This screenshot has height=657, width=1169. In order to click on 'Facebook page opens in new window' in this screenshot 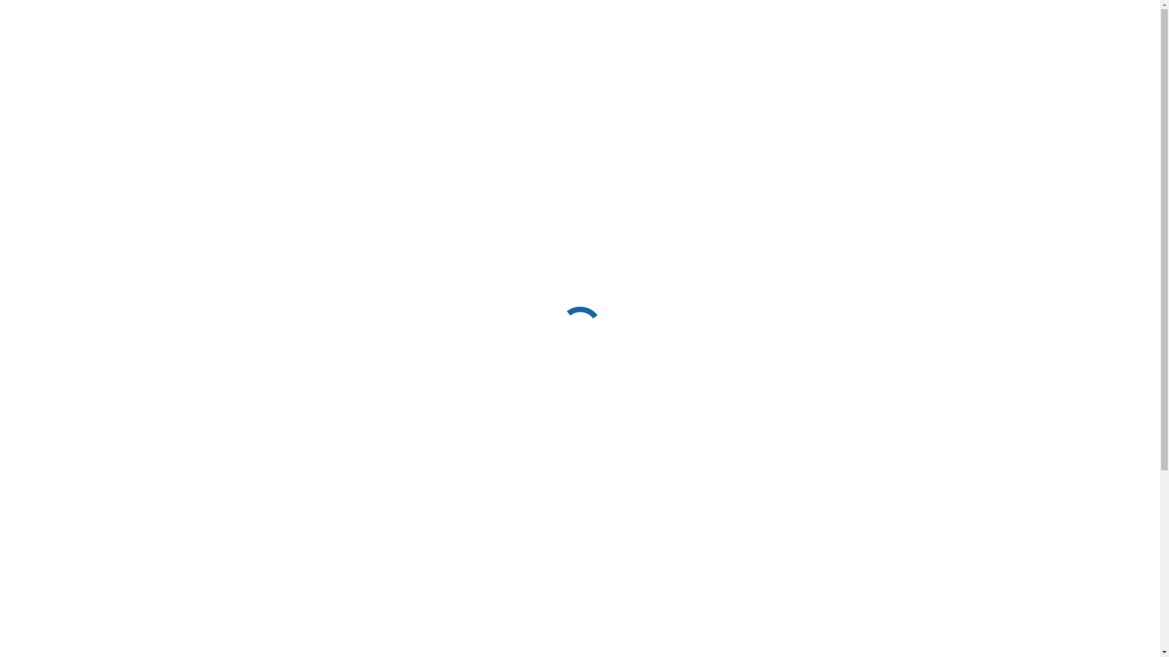, I will do `click(914, 10)`.